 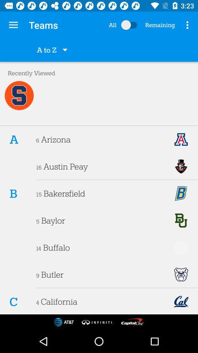 What do you see at coordinates (130, 25) in the screenshot?
I see `menu` at bounding box center [130, 25].